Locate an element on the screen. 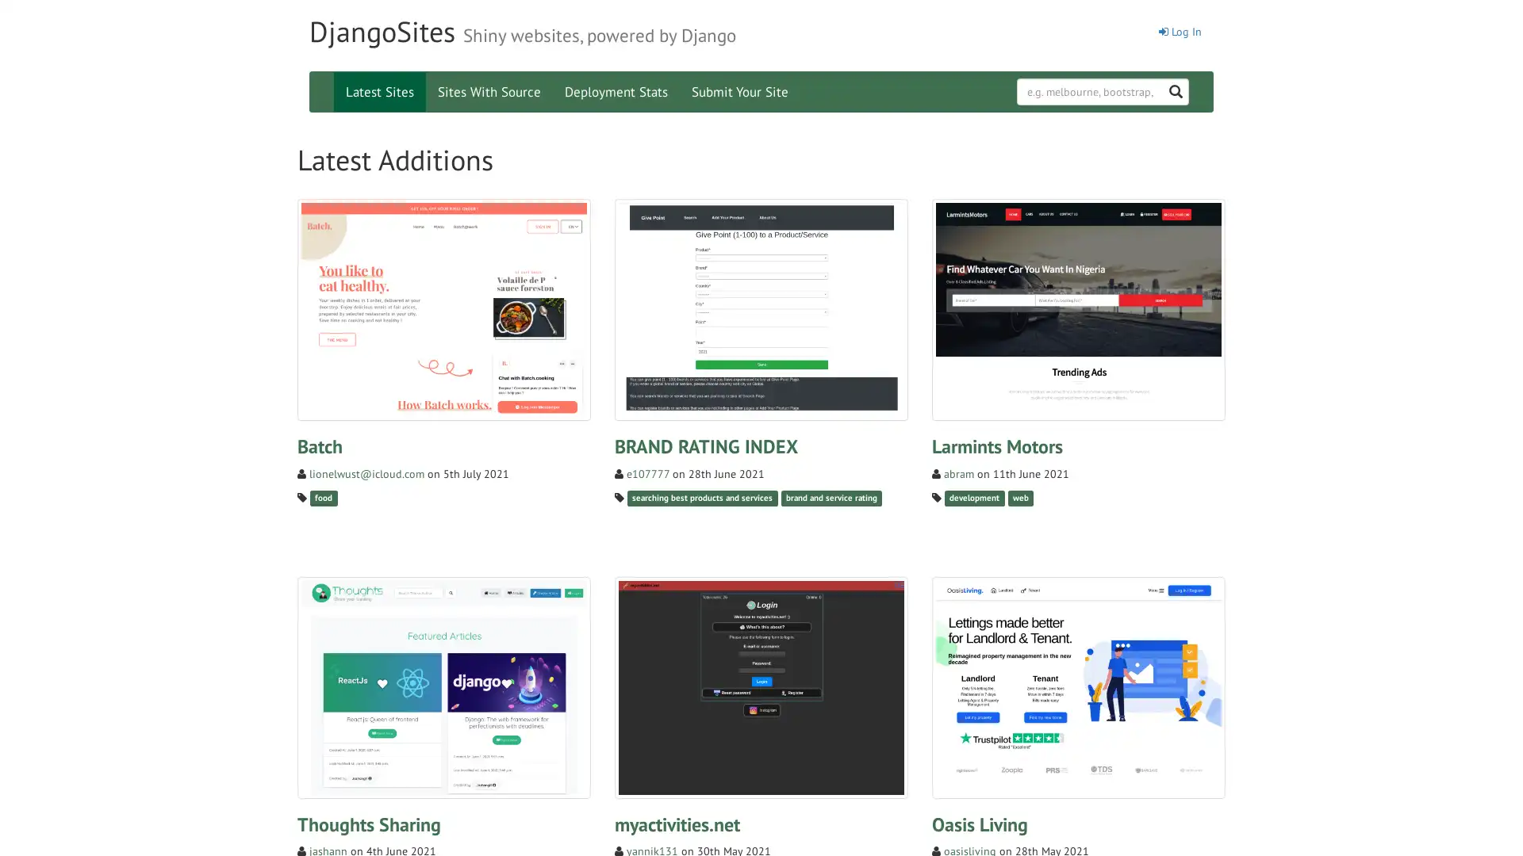  Search is located at coordinates (1199, 82).